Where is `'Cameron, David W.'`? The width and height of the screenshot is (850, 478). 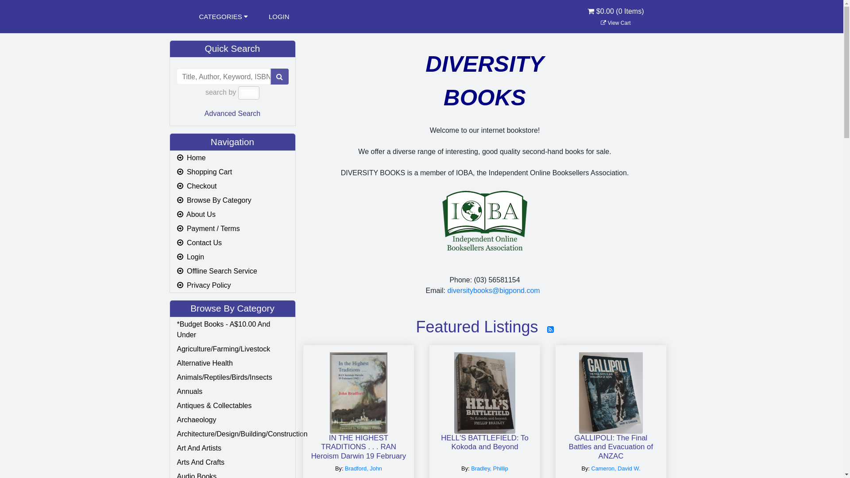 'Cameron, David W.' is located at coordinates (591, 468).